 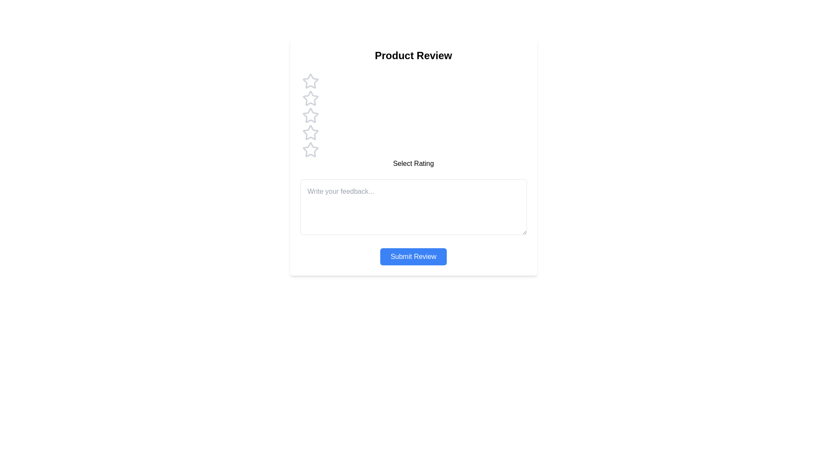 I want to click on the second star icon in the vertical arrangement of five rating stars, so click(x=310, y=98).